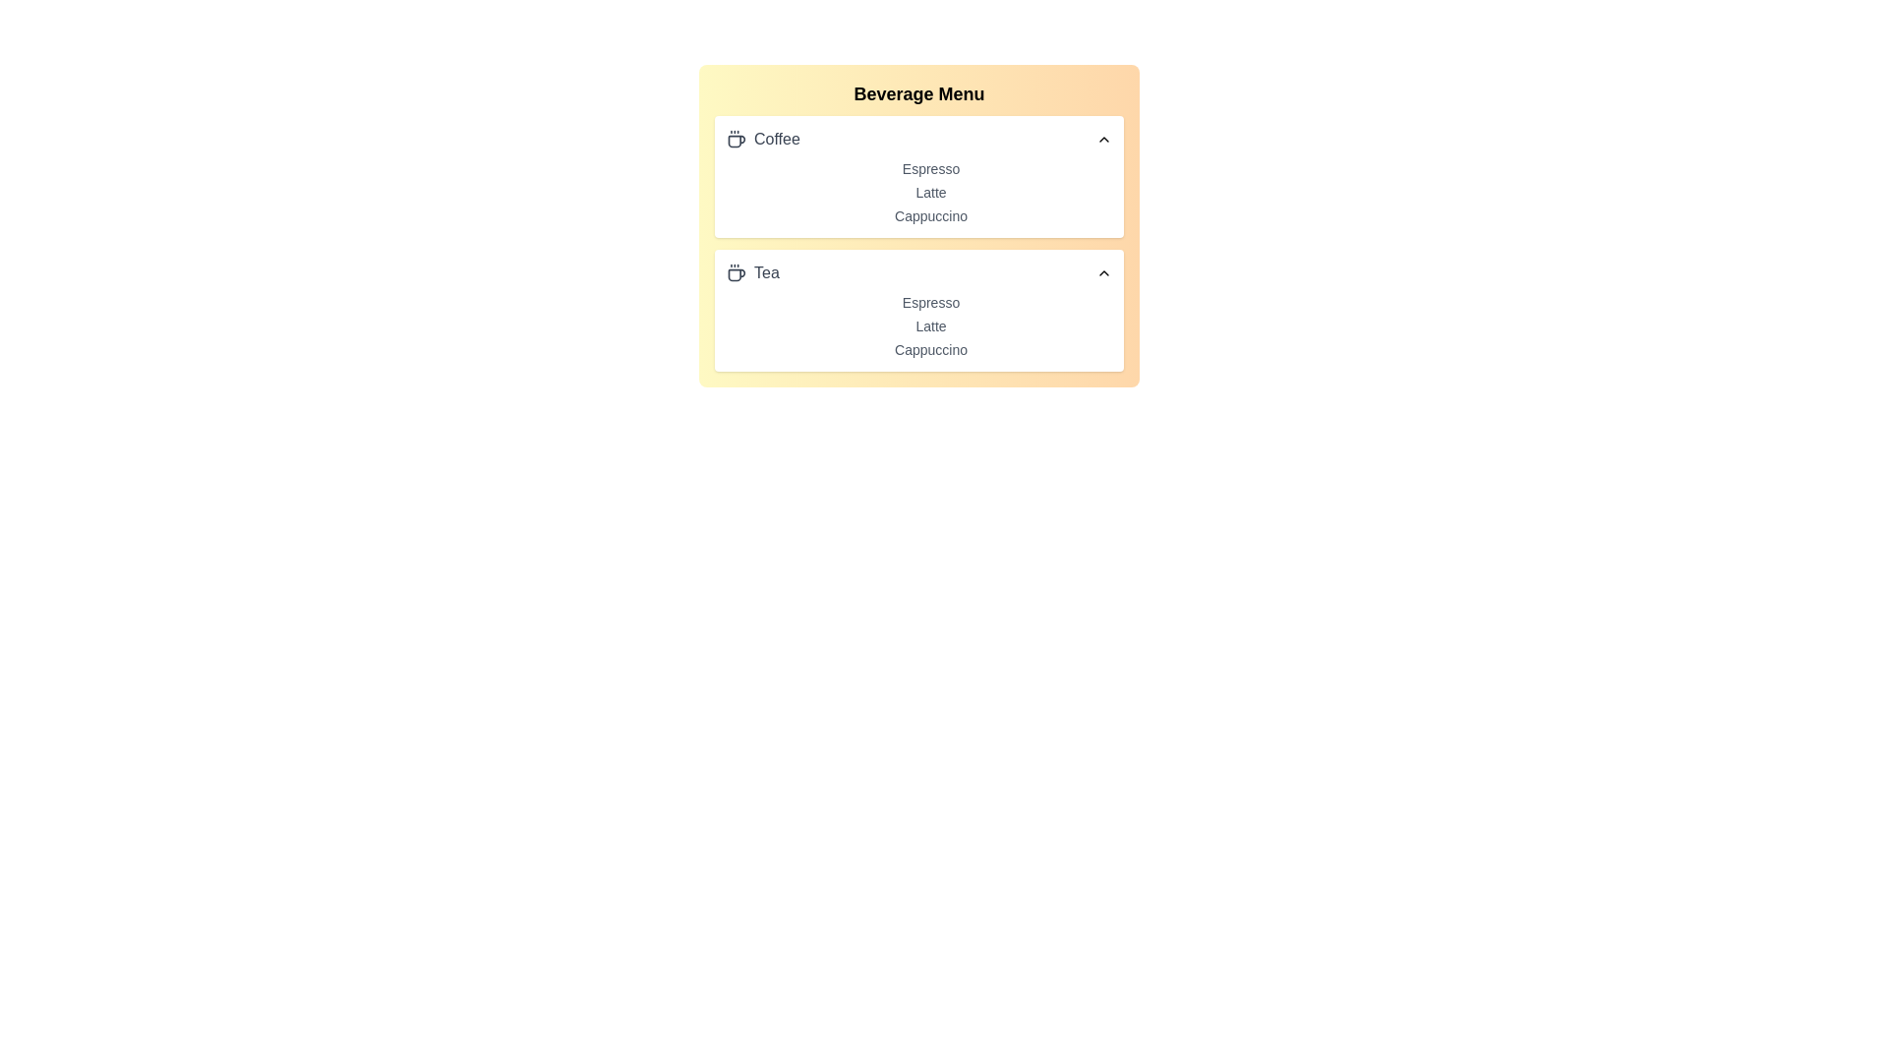 This screenshot has width=1888, height=1062. What do you see at coordinates (735, 139) in the screenshot?
I see `the beverage icon for coffee` at bounding box center [735, 139].